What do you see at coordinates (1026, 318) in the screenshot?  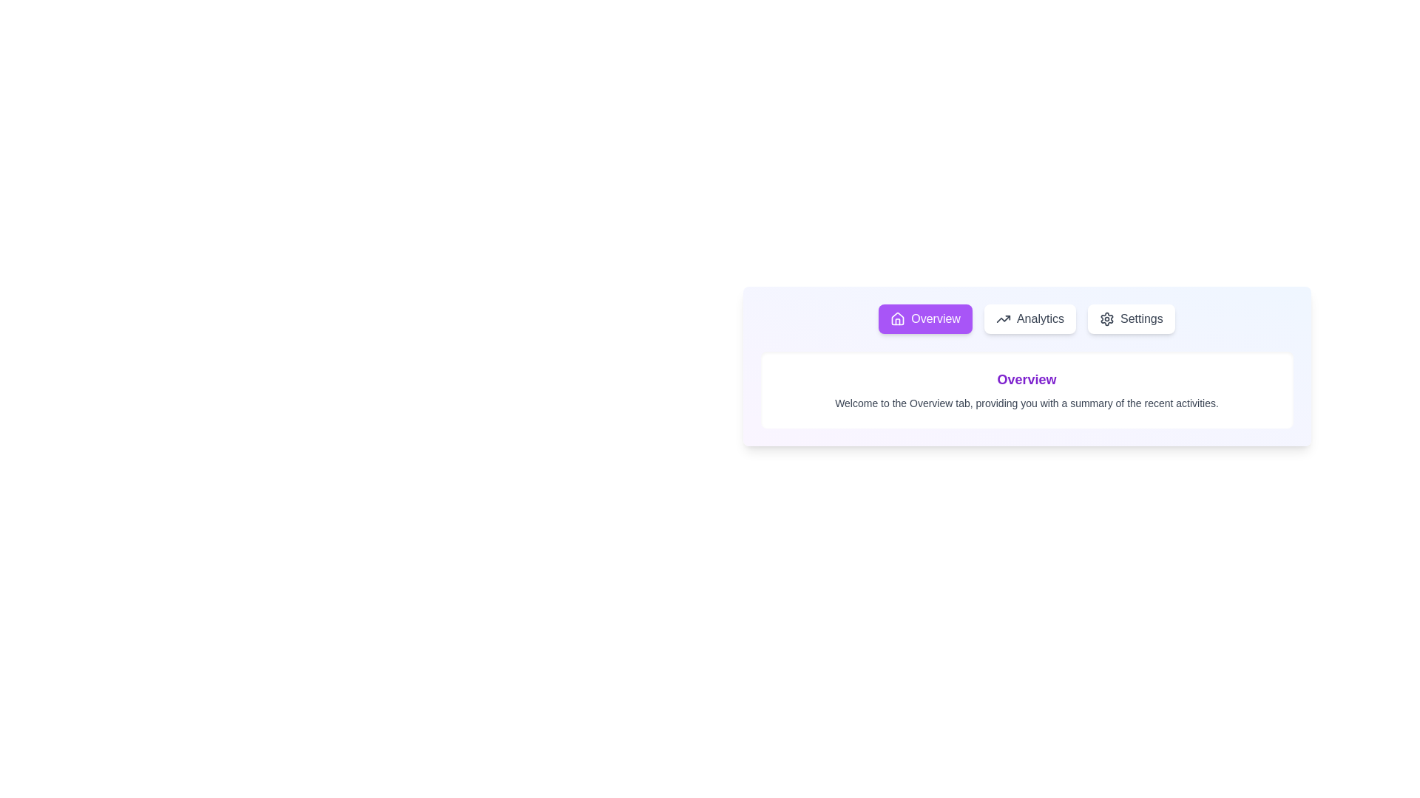 I see `the 'Analytics' button located between the 'Overview' button and the 'Settings' button in the navigation area` at bounding box center [1026, 318].